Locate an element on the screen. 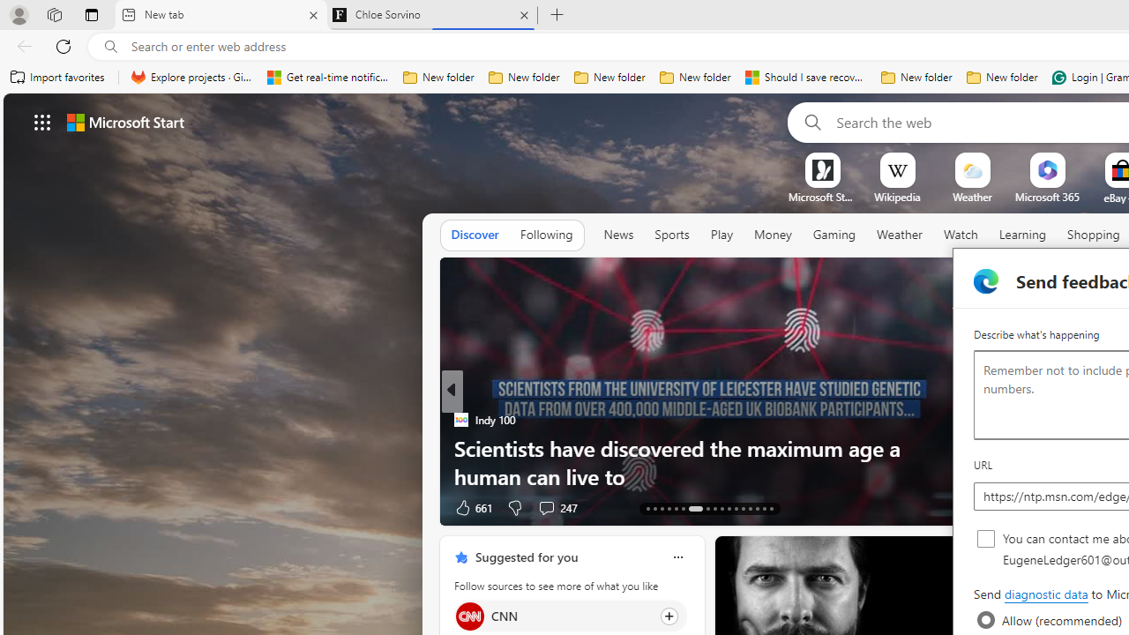 This screenshot has height=635, width=1129. 'AutomationID: tab-39' is located at coordinates (750, 509).